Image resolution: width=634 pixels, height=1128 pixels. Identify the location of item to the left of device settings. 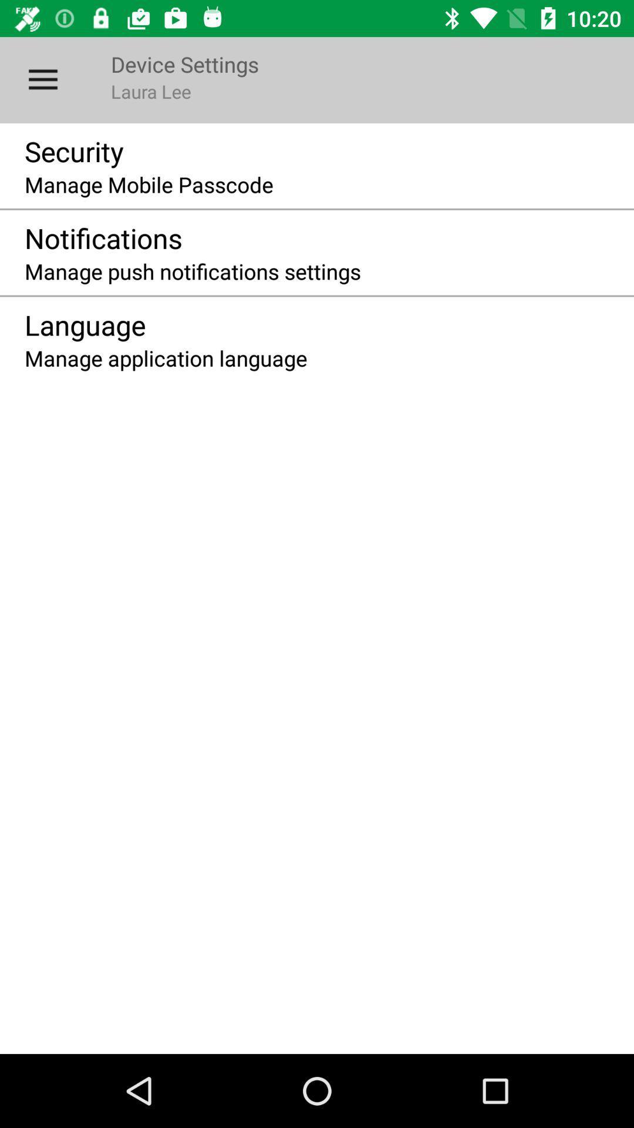
(42, 79).